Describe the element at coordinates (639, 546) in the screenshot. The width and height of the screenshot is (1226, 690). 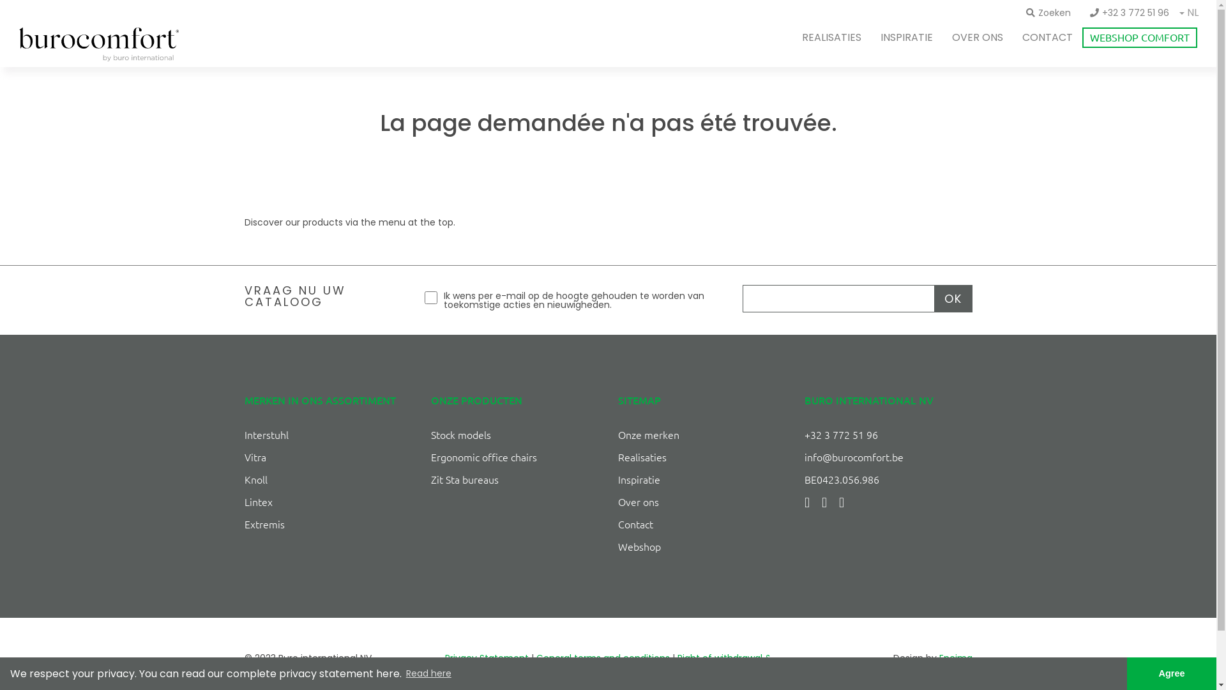
I see `'Webshop'` at that location.